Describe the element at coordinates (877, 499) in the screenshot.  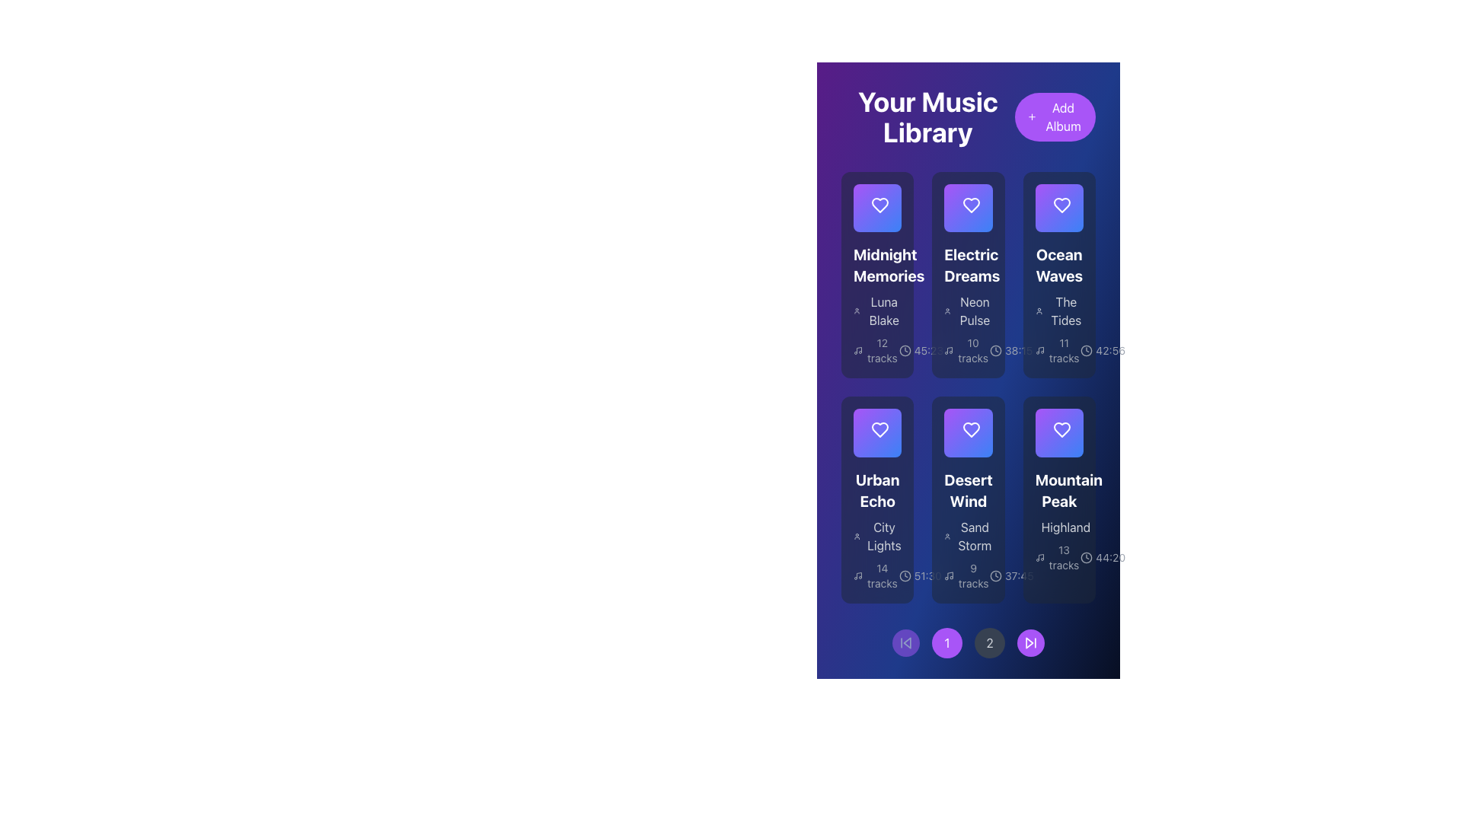
I see `the interactive card titled 'Urban Echo' with a subtitle 'City Lights' located in the bottom left corner of the upper row` at that location.